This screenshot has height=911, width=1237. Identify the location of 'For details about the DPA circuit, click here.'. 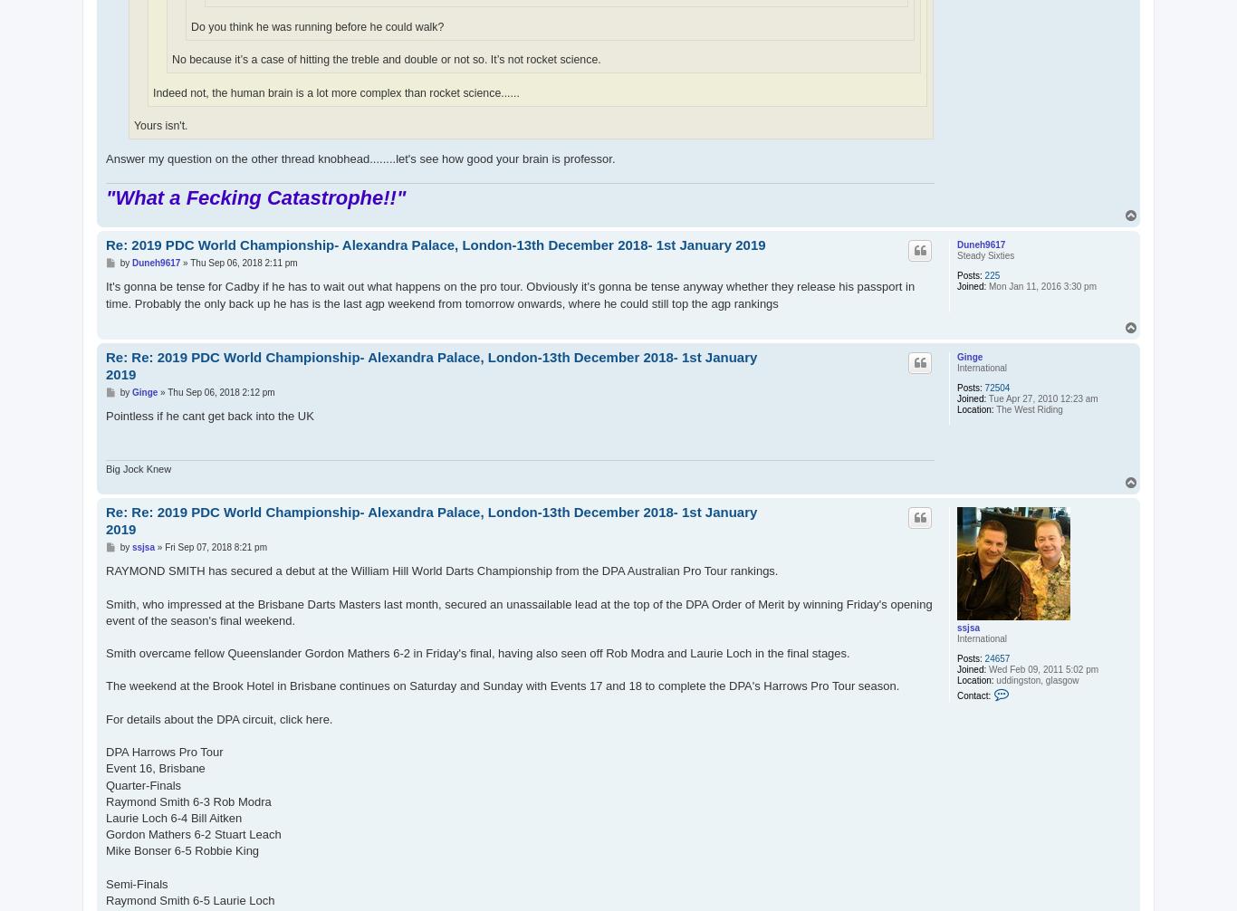
(219, 717).